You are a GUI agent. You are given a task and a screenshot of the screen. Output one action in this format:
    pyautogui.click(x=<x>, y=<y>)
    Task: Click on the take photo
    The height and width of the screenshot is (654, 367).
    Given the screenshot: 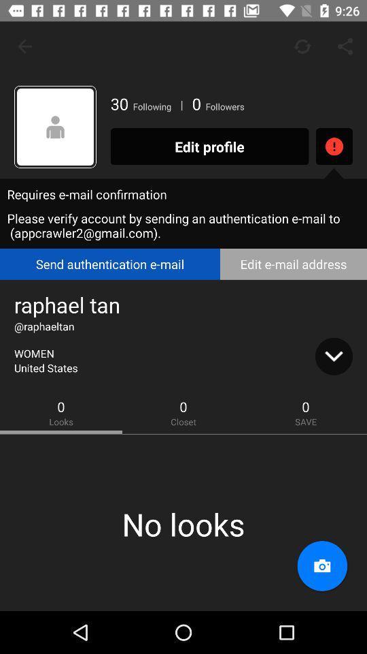 What is the action you would take?
    pyautogui.click(x=321, y=566)
    